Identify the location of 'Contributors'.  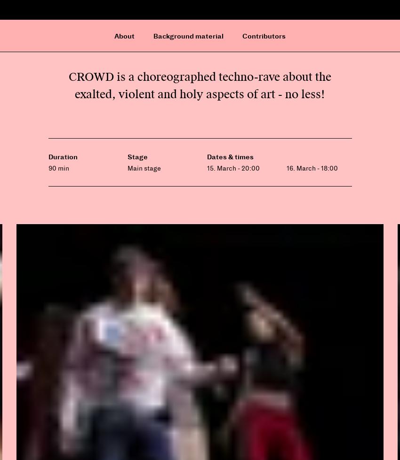
(264, 36).